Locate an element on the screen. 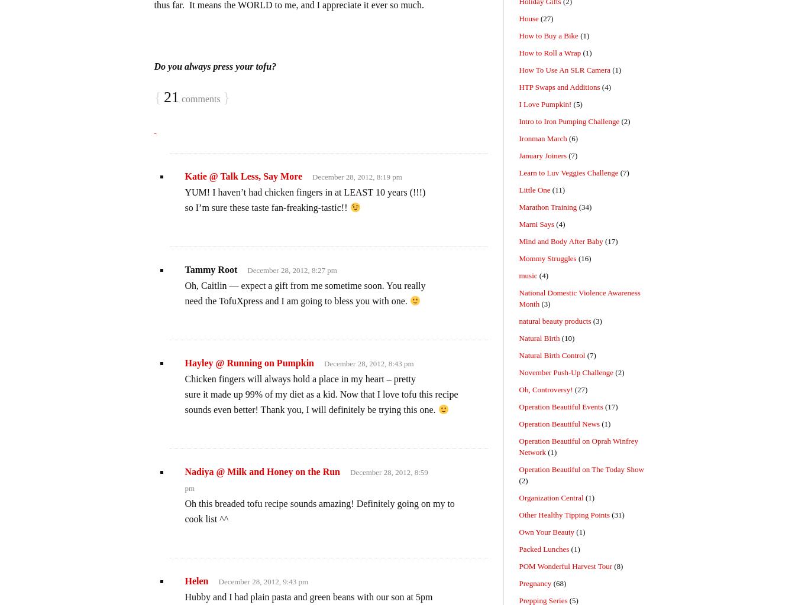 Image resolution: width=808 pixels, height=605 pixels. 'How to Buy a Bike' is located at coordinates (548, 35).